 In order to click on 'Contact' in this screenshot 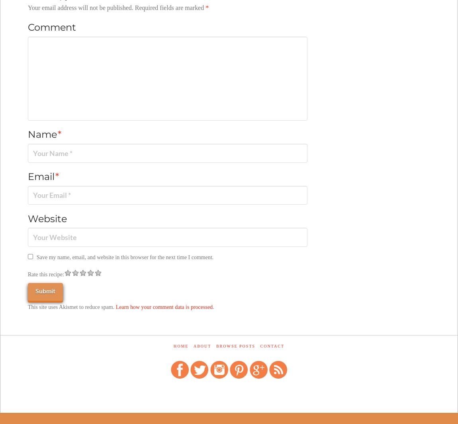, I will do `click(259, 346)`.